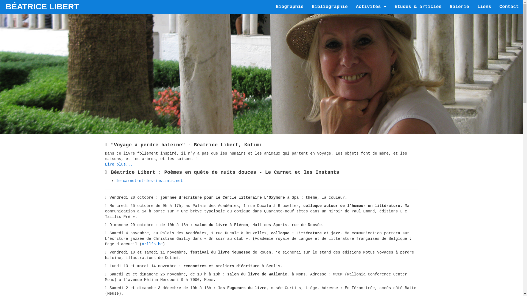 Image resolution: width=527 pixels, height=296 pixels. I want to click on 'le-carnet-et-les-instants.net', so click(149, 181).